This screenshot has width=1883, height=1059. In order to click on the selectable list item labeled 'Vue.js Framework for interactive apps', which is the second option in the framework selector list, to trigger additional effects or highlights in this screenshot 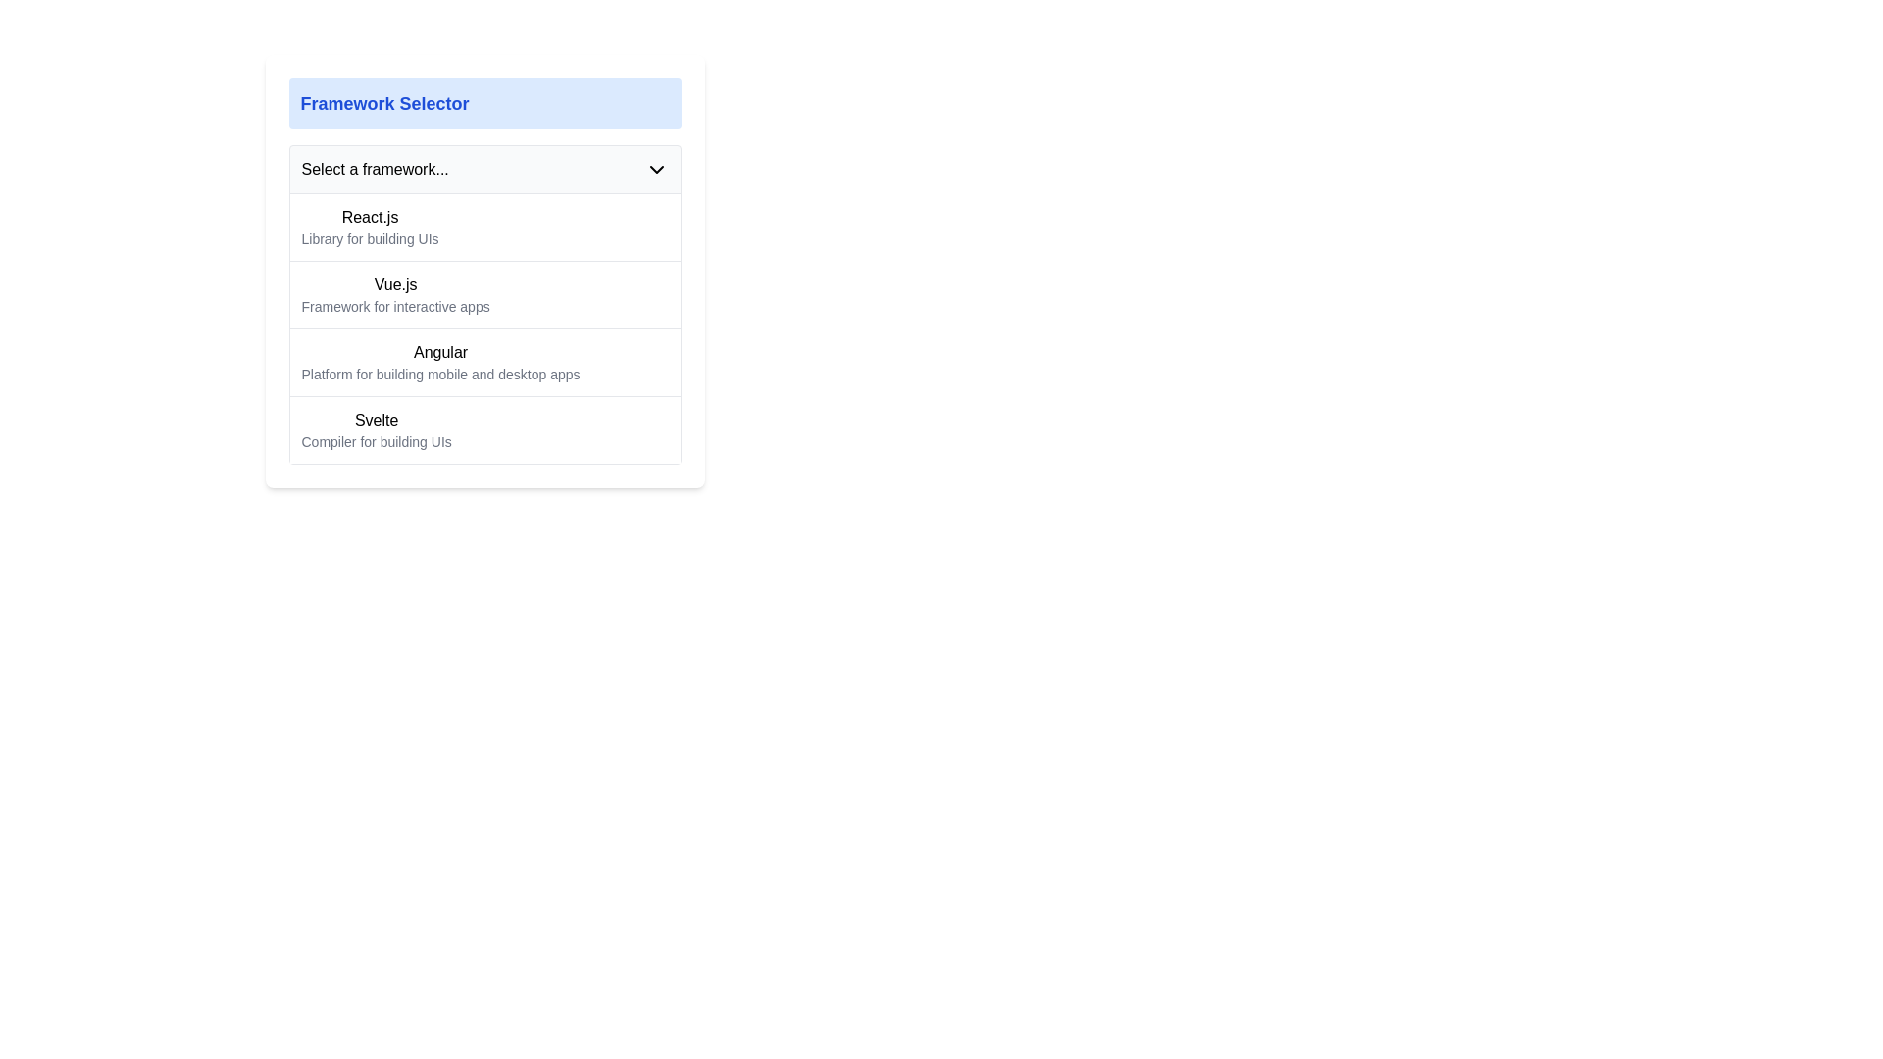, I will do `click(484, 272)`.